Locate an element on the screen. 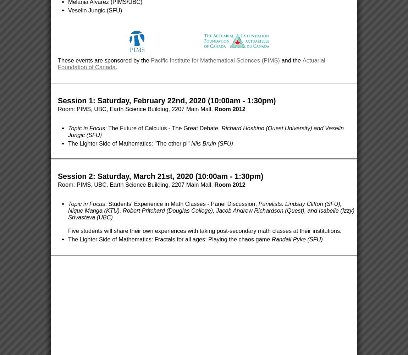 This screenshot has height=355, width=408. 'Actuarial Foundation of Canada' is located at coordinates (191, 64).